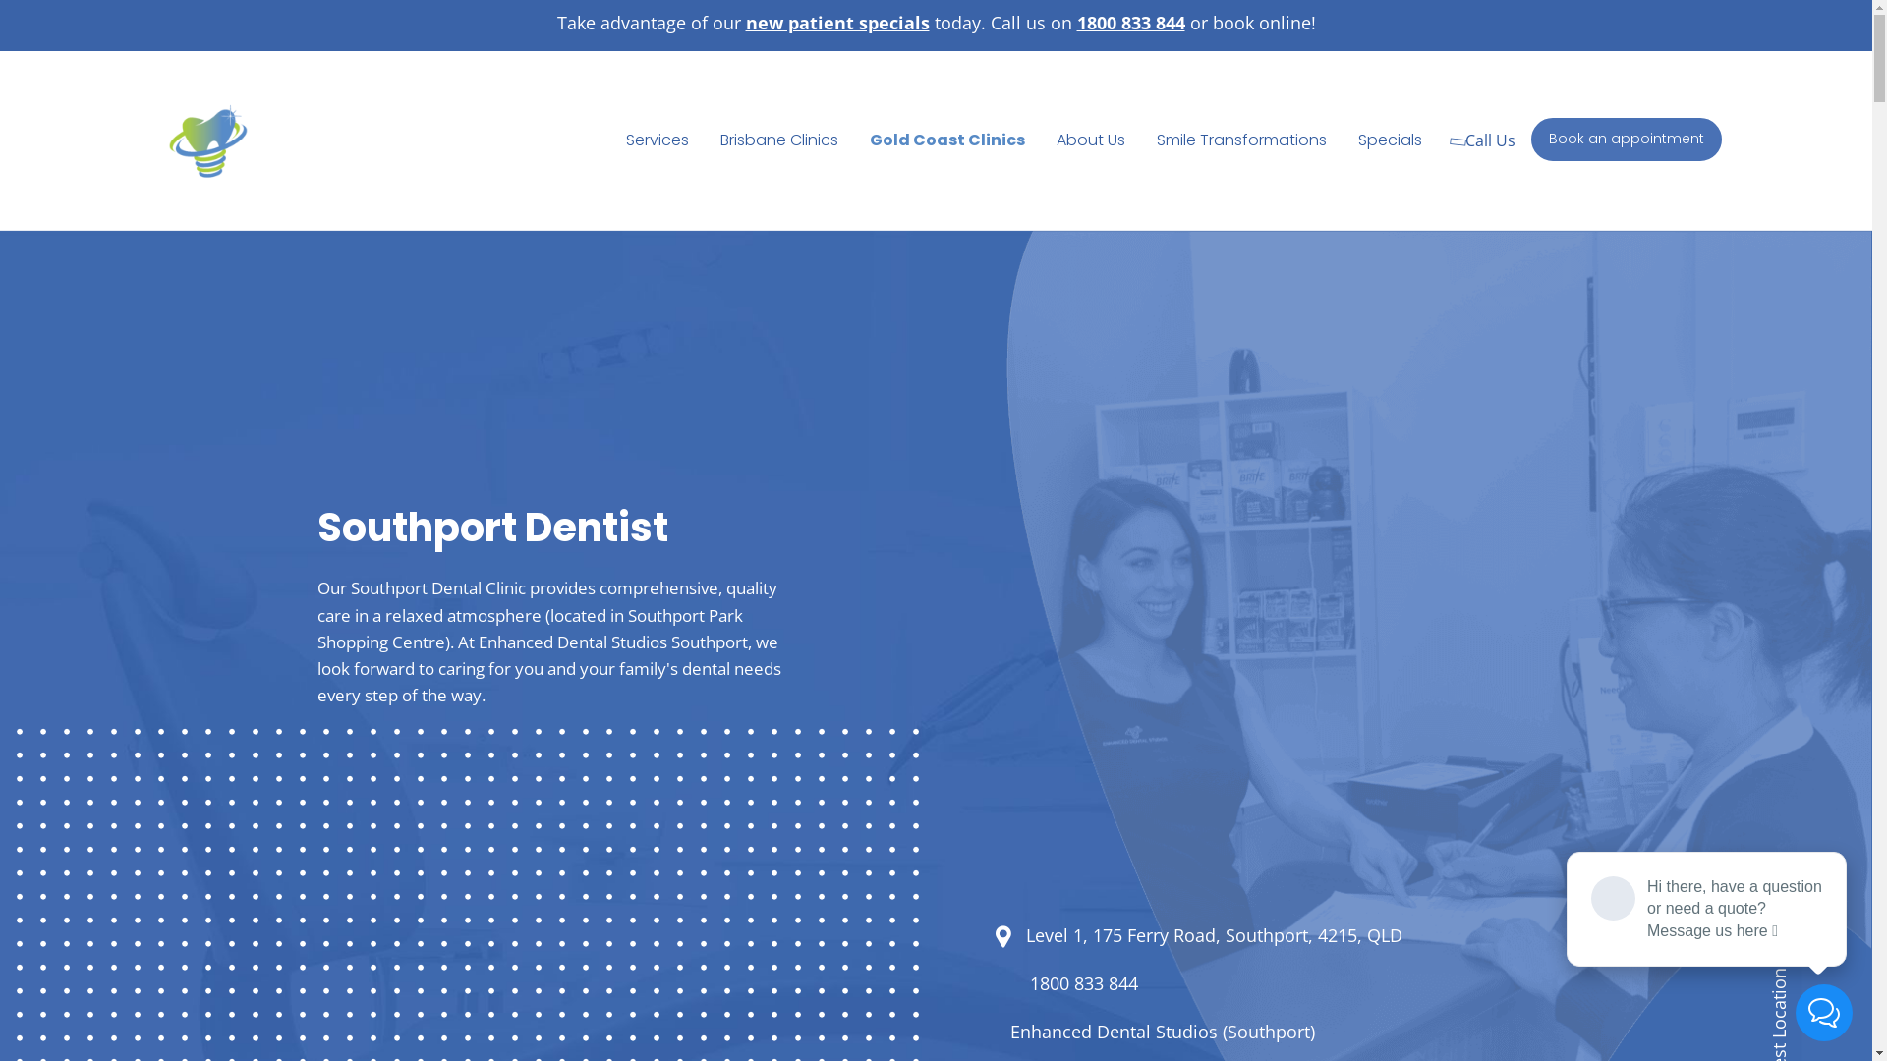 The width and height of the screenshot is (1887, 1061). I want to click on 'Enhanced Dental Studios (Southport)', so click(1162, 1031).